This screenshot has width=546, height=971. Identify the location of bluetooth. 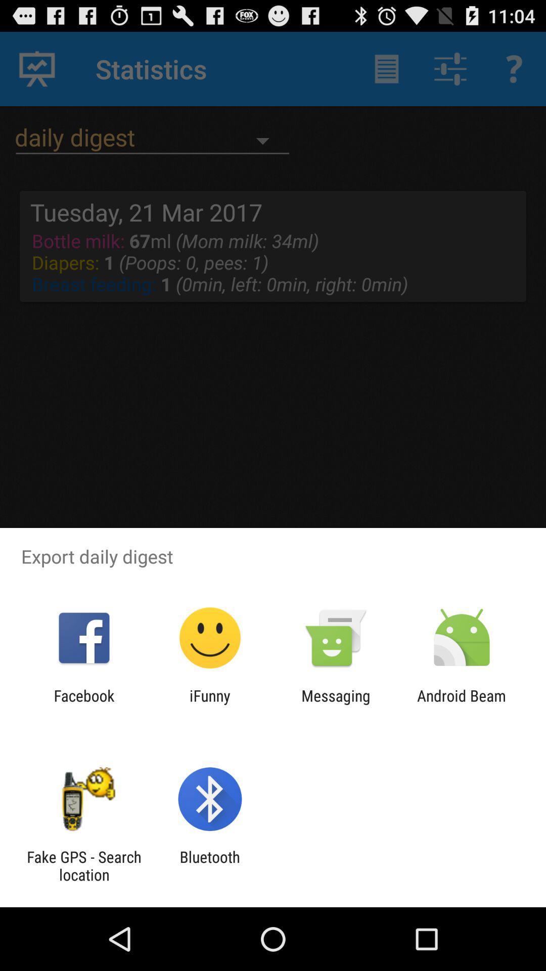
(209, 865).